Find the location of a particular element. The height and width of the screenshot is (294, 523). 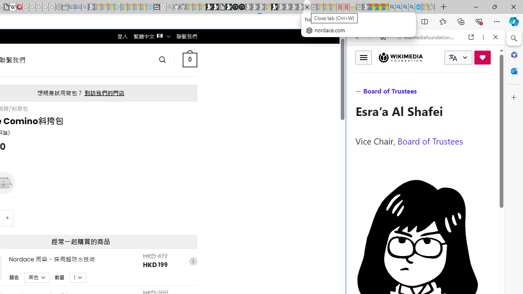

'VIDEOS' is located at coordinates (411, 93).